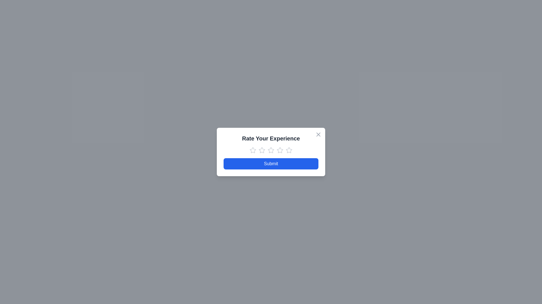 This screenshot has height=304, width=542. What do you see at coordinates (271, 164) in the screenshot?
I see `the 'Submit' button to submit the feedback` at bounding box center [271, 164].